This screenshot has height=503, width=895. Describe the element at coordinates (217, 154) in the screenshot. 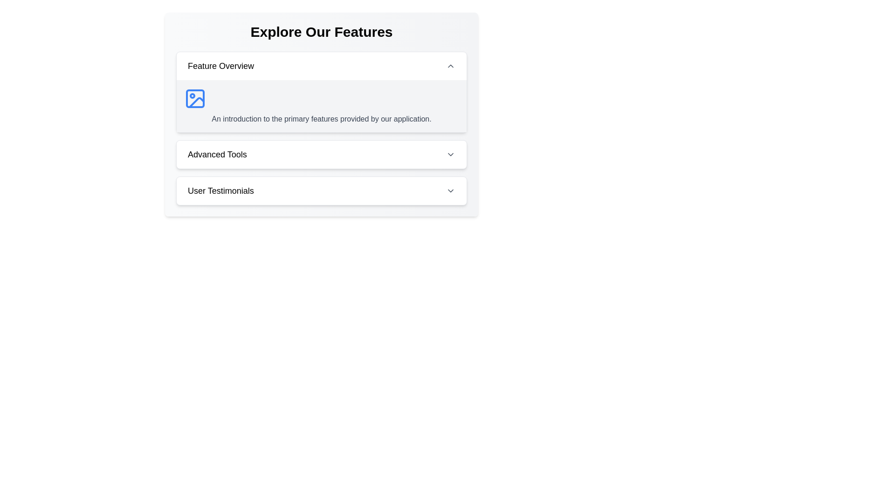

I see `the header text label that indicates advanced tools, positioned between 'Feature Overview' and 'User Testimonials'` at that location.